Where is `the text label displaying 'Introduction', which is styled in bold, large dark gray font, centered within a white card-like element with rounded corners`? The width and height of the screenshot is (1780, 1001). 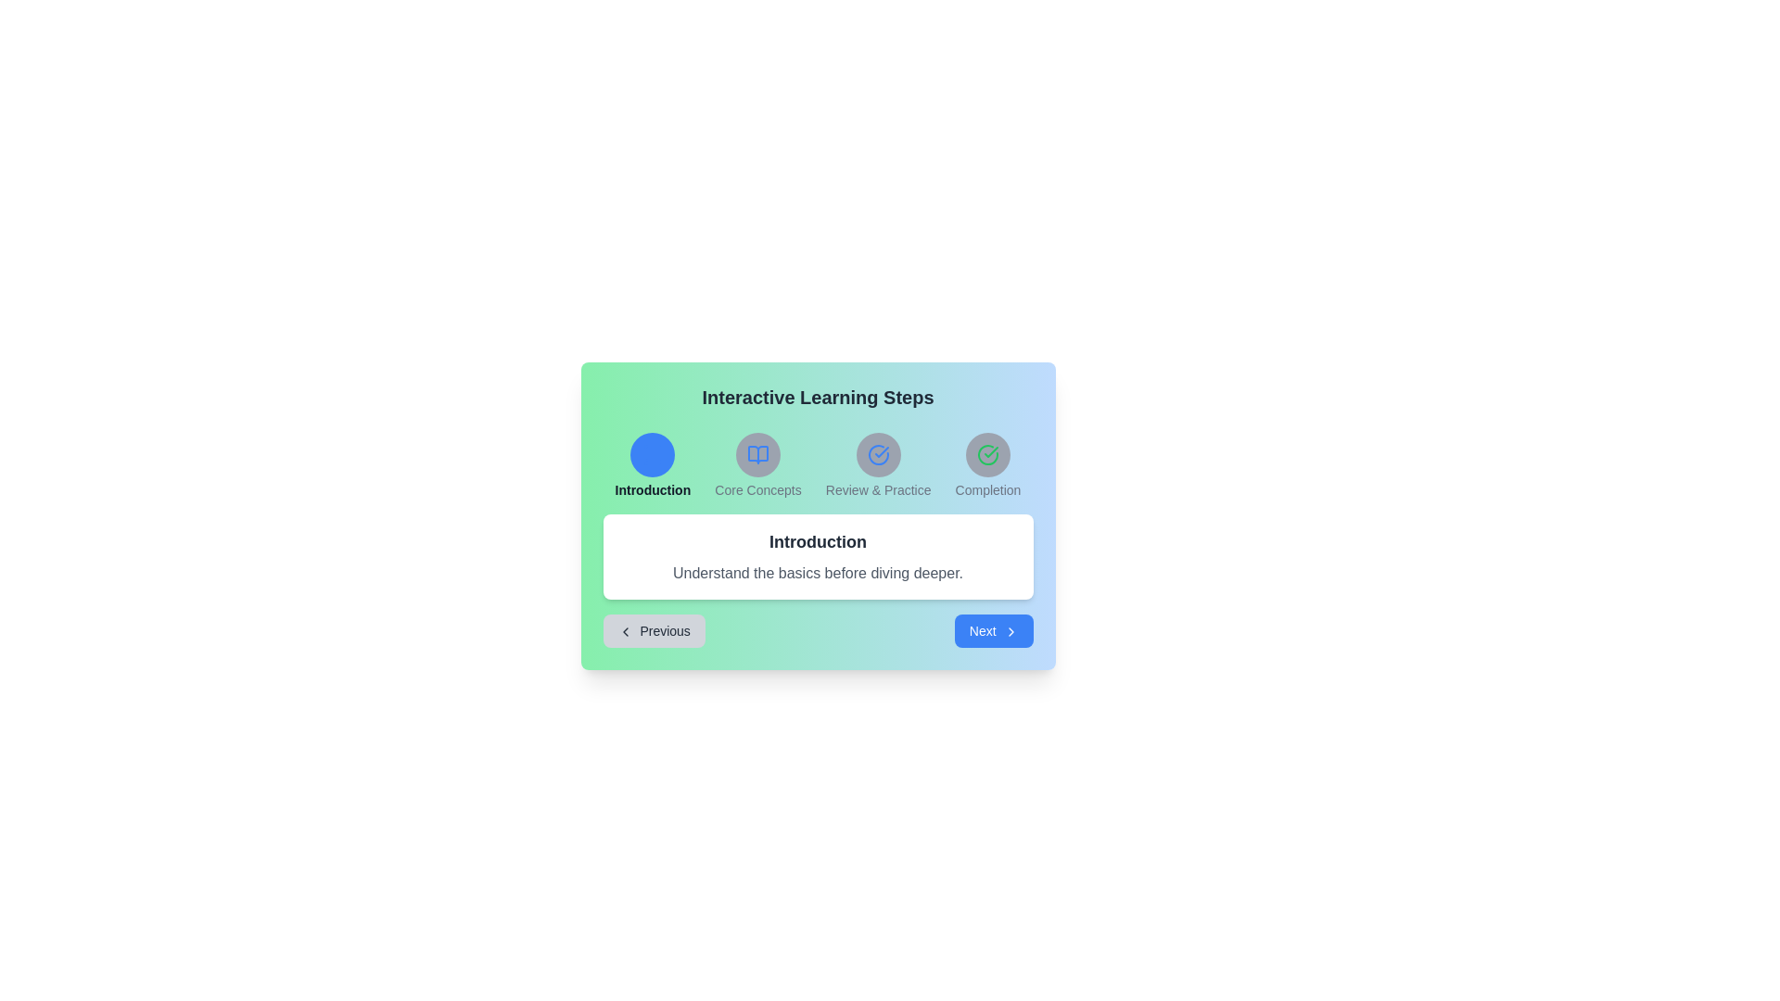
the text label displaying 'Introduction', which is styled in bold, large dark gray font, centered within a white card-like element with rounded corners is located at coordinates (817, 542).